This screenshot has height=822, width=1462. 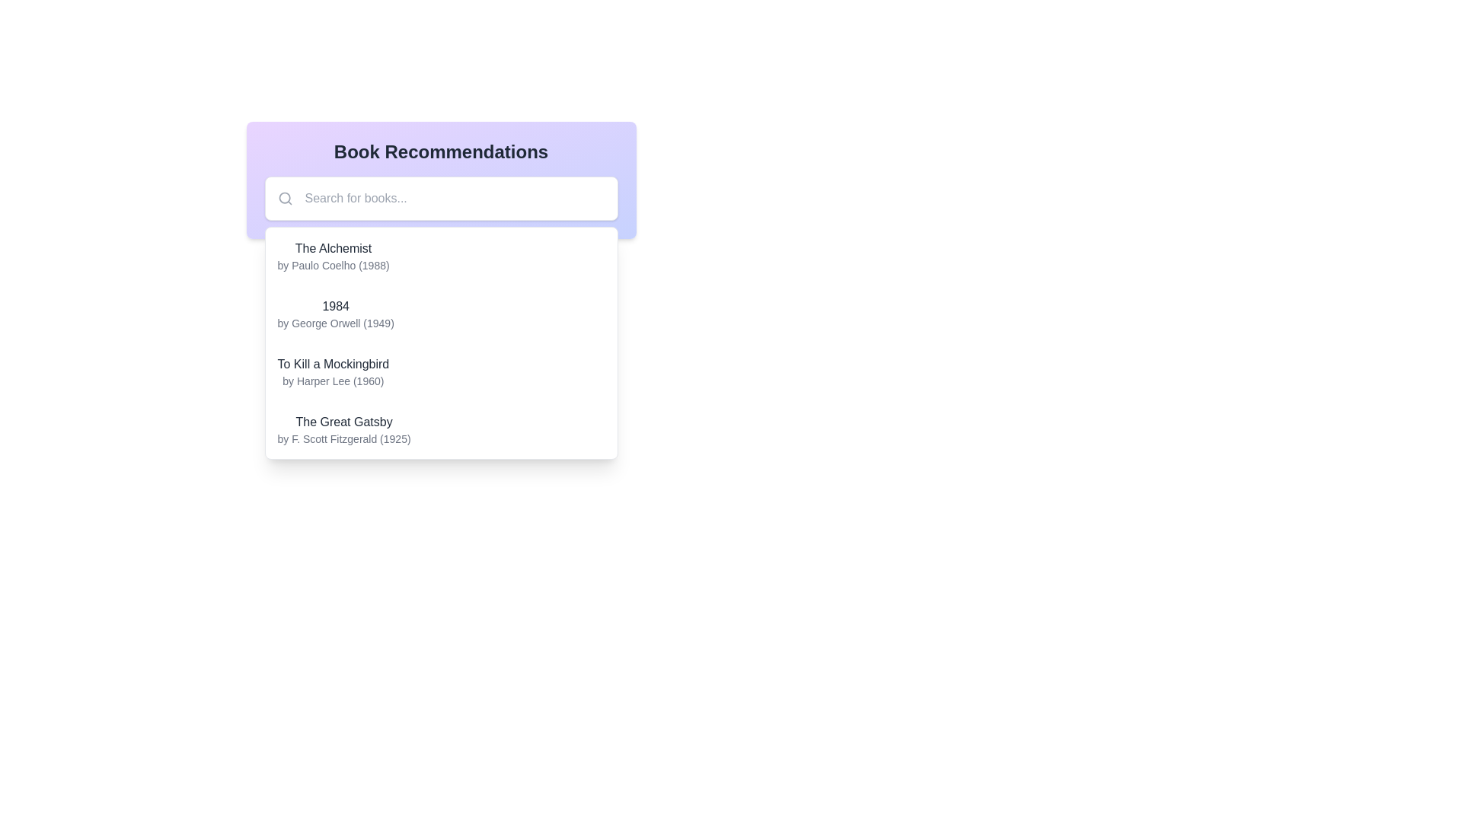 I want to click on the fourth book entry, so click(x=343, y=429).